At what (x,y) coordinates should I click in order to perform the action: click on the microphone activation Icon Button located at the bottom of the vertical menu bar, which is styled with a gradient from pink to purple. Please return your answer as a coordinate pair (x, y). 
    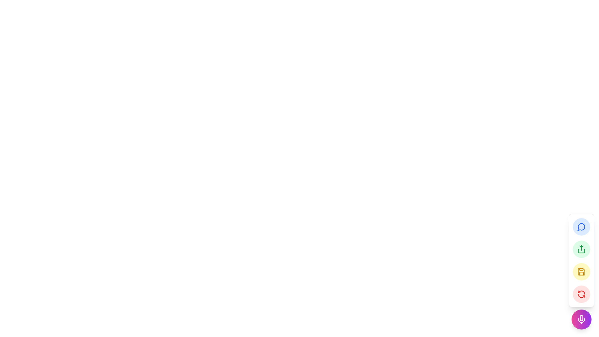
    Looking at the image, I should click on (581, 319).